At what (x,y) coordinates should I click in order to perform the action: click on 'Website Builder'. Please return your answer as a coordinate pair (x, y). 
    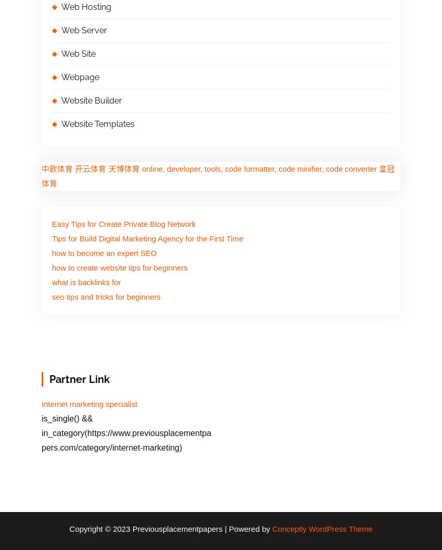
    Looking at the image, I should click on (91, 100).